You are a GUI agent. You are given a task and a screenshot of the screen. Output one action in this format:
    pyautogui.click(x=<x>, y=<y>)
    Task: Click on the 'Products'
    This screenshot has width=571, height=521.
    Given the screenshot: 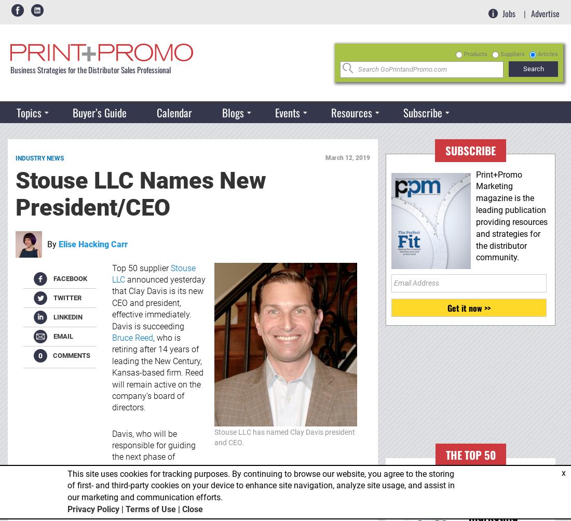 What is the action you would take?
    pyautogui.click(x=475, y=53)
    